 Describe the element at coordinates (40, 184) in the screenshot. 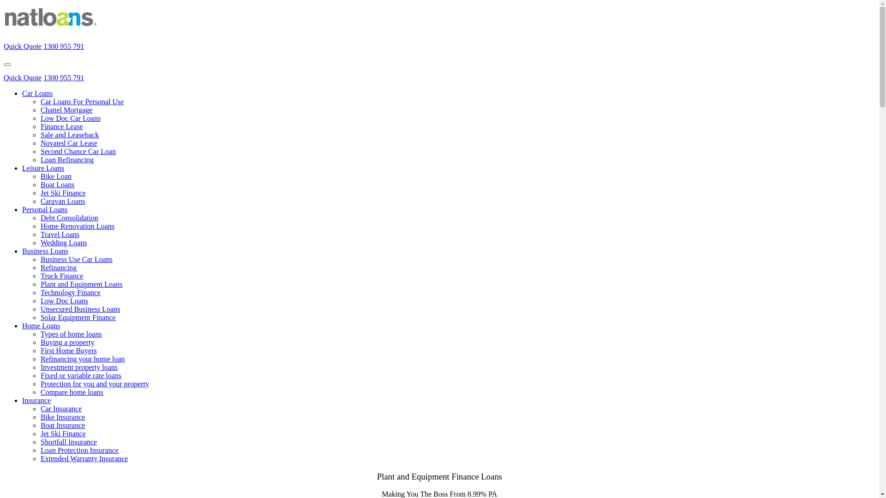

I see `'Boat Loans'` at that location.